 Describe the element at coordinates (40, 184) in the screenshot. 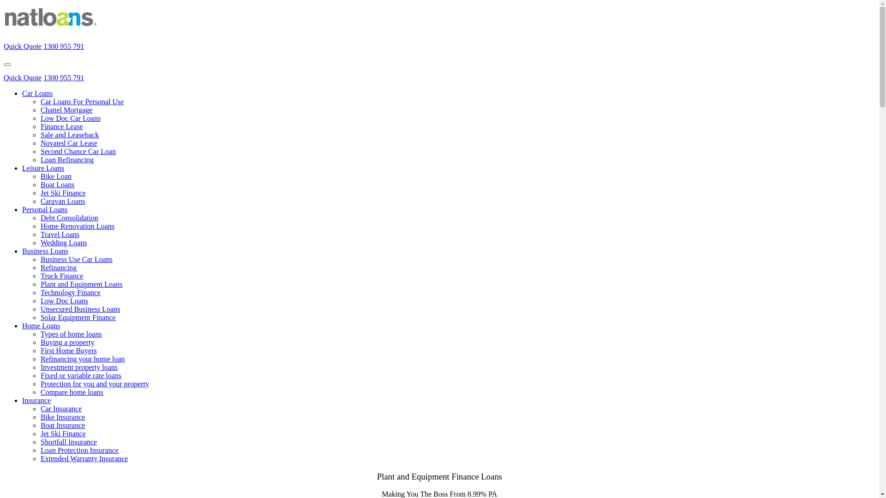

I see `'Boat Loans'` at that location.